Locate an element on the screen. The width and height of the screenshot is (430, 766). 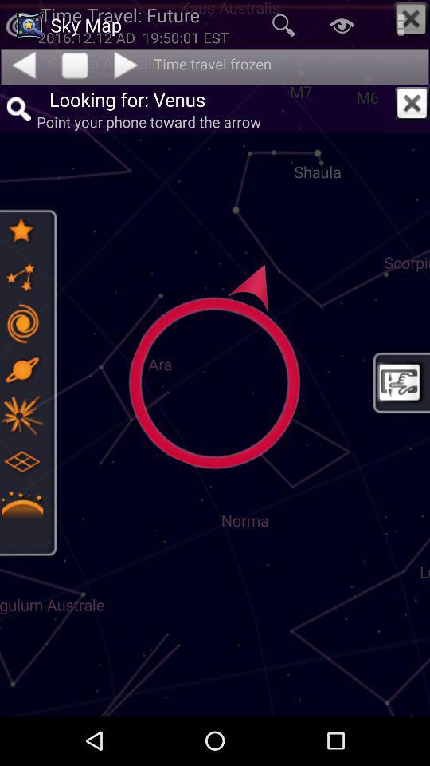
the close icon is located at coordinates (411, 18).